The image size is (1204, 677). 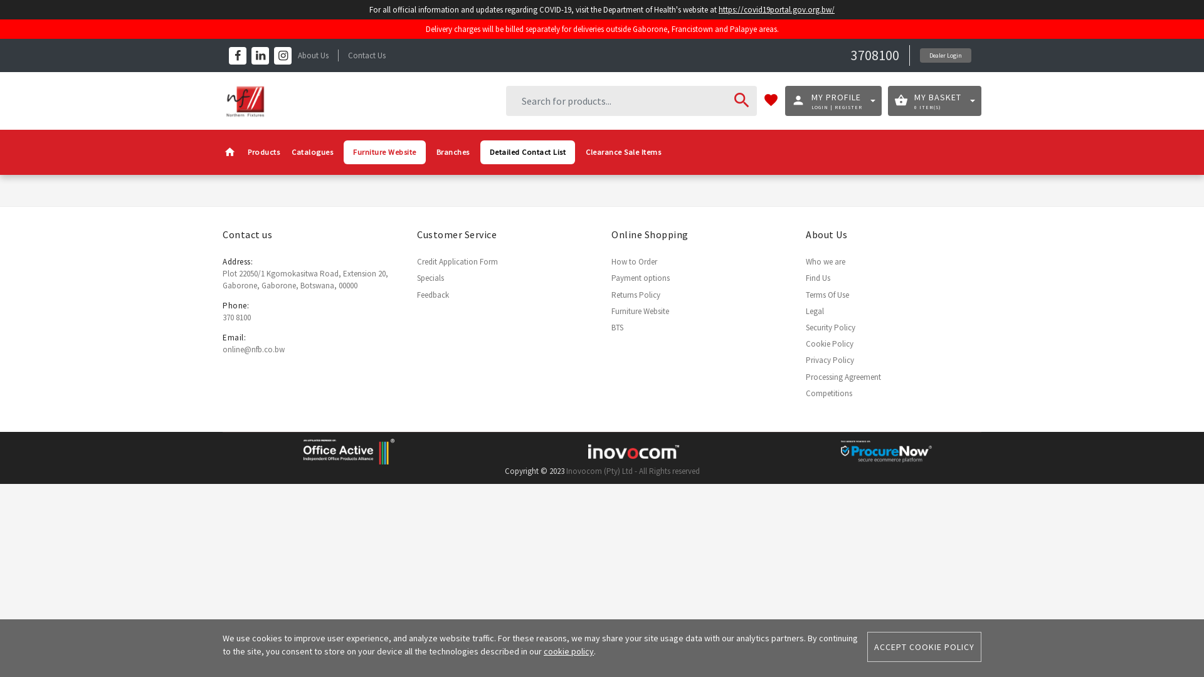 What do you see at coordinates (617, 327) in the screenshot?
I see `'BTS'` at bounding box center [617, 327].